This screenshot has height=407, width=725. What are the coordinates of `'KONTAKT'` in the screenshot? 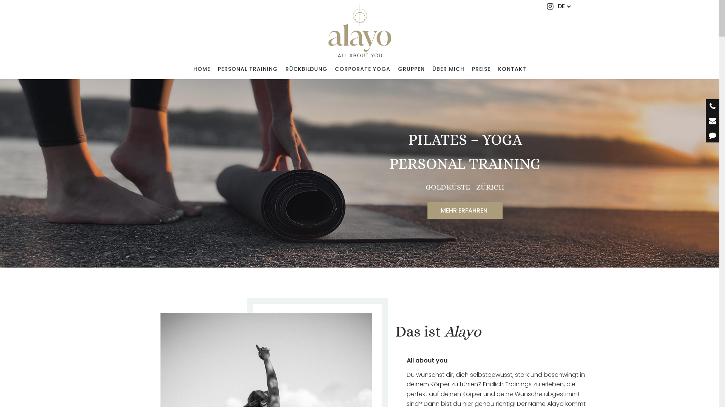 It's located at (512, 69).